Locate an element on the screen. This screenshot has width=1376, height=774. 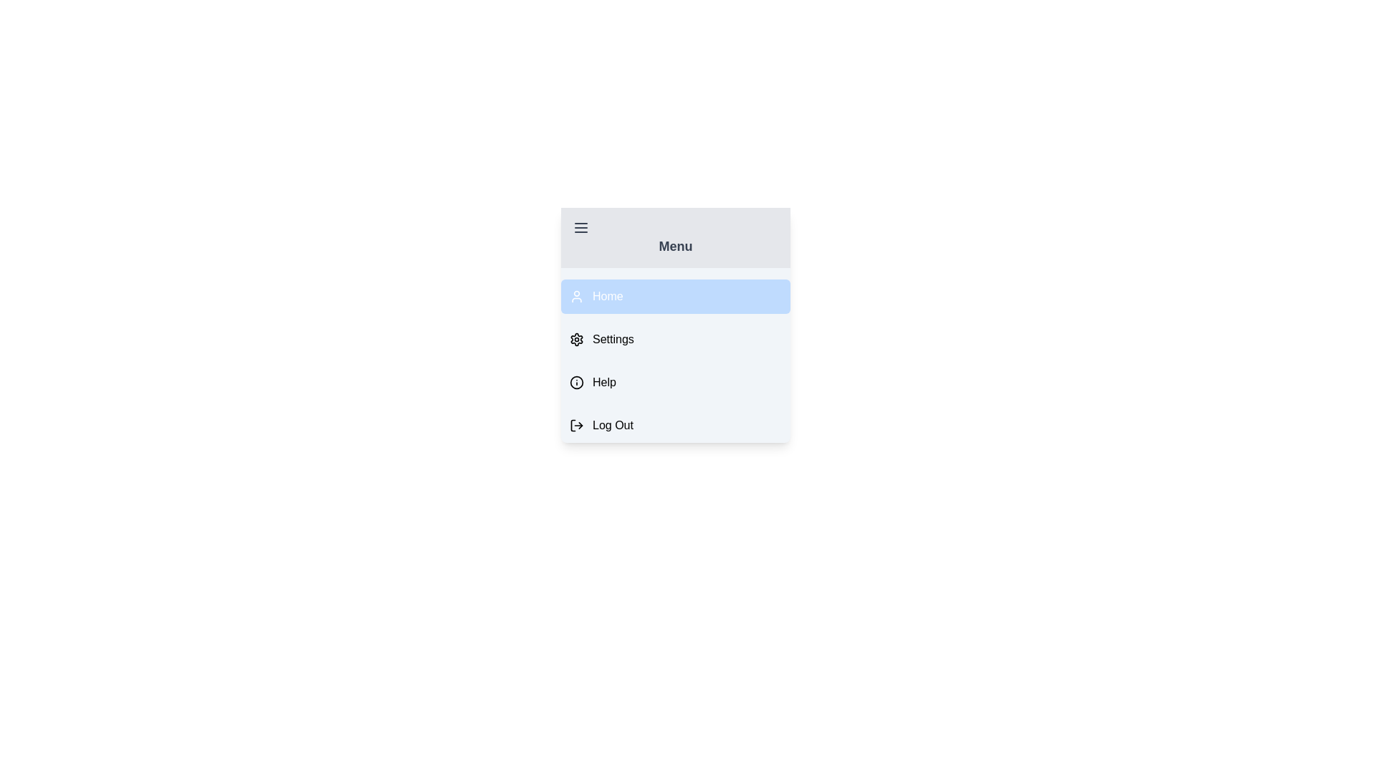
the menu item labeled Log Out is located at coordinates (674, 425).